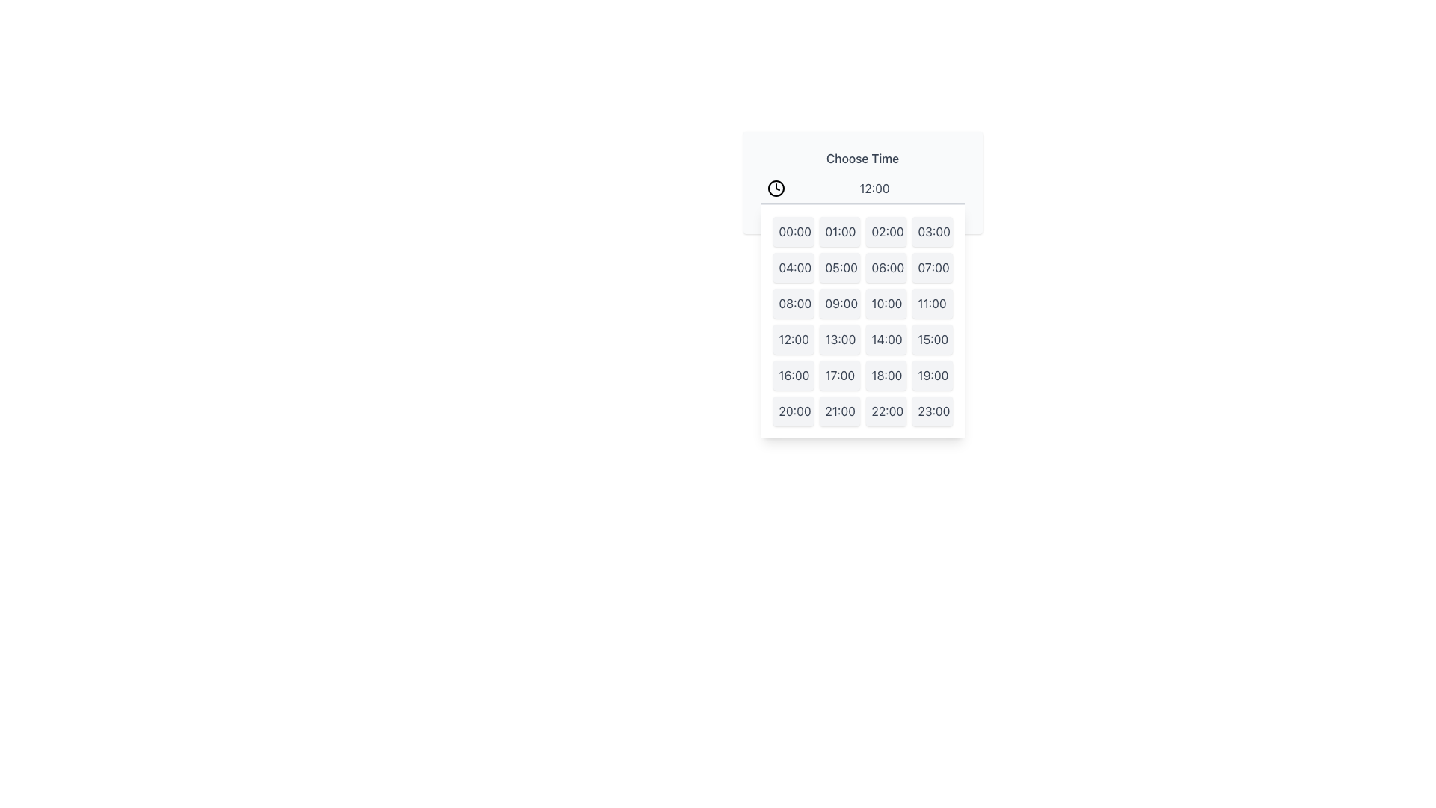 The height and width of the screenshot is (808, 1436). I want to click on the button displaying '20:00' with a light gray background and rounded corners, so click(792, 411).